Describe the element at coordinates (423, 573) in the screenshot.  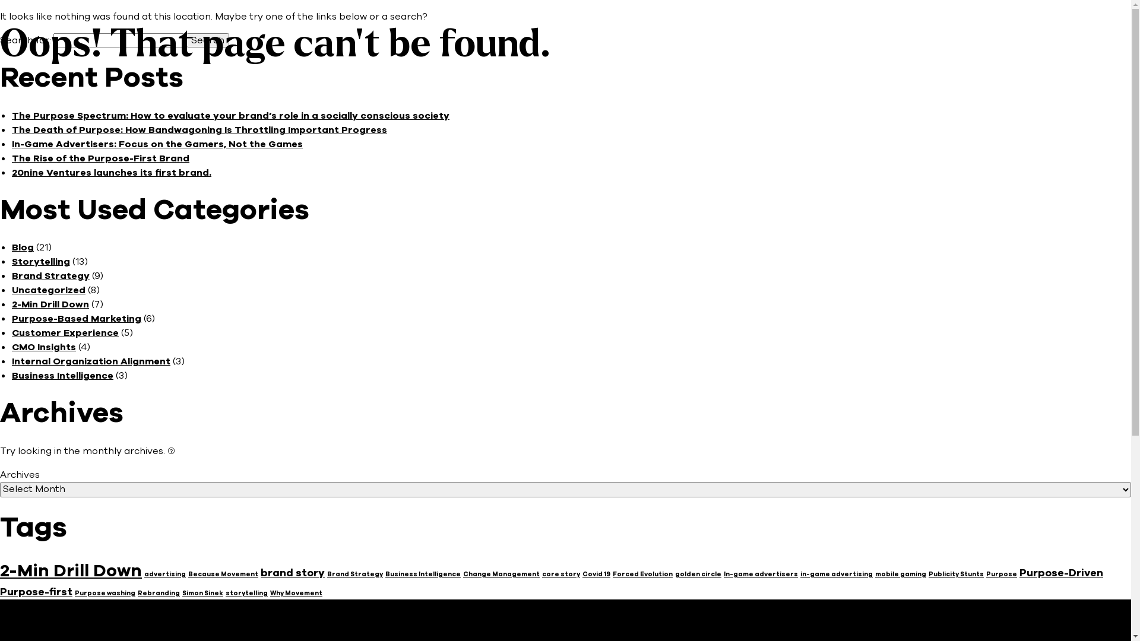
I see `'Business Intelligence'` at that location.